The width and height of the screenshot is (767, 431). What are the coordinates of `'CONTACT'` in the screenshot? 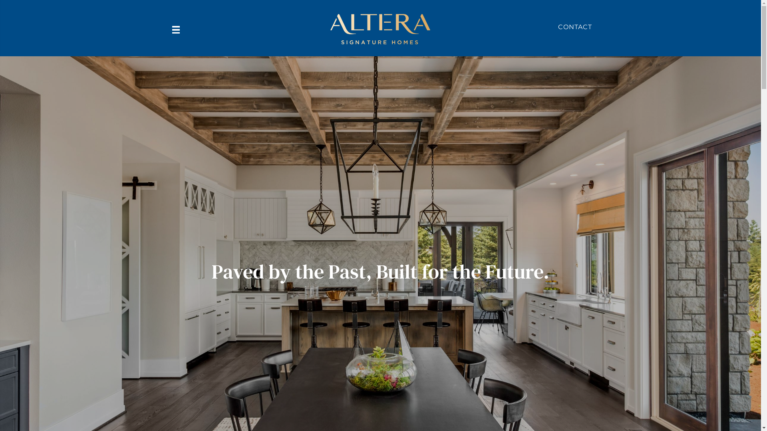 It's located at (557, 26).